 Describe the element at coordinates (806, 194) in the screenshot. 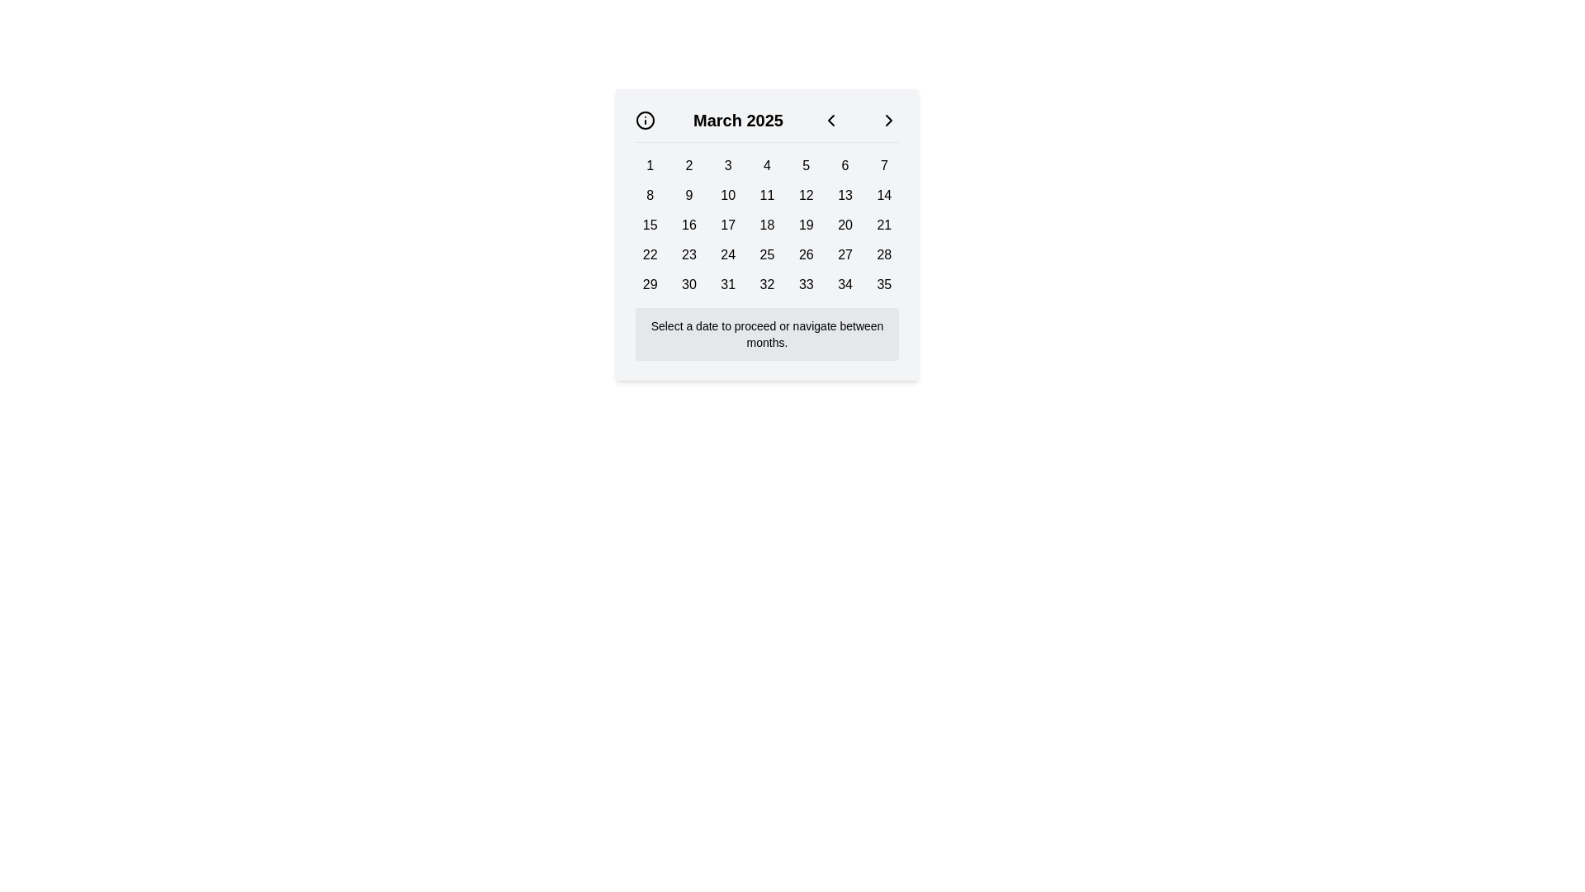

I see `the button representing the 12th day in the calendar interface` at that location.